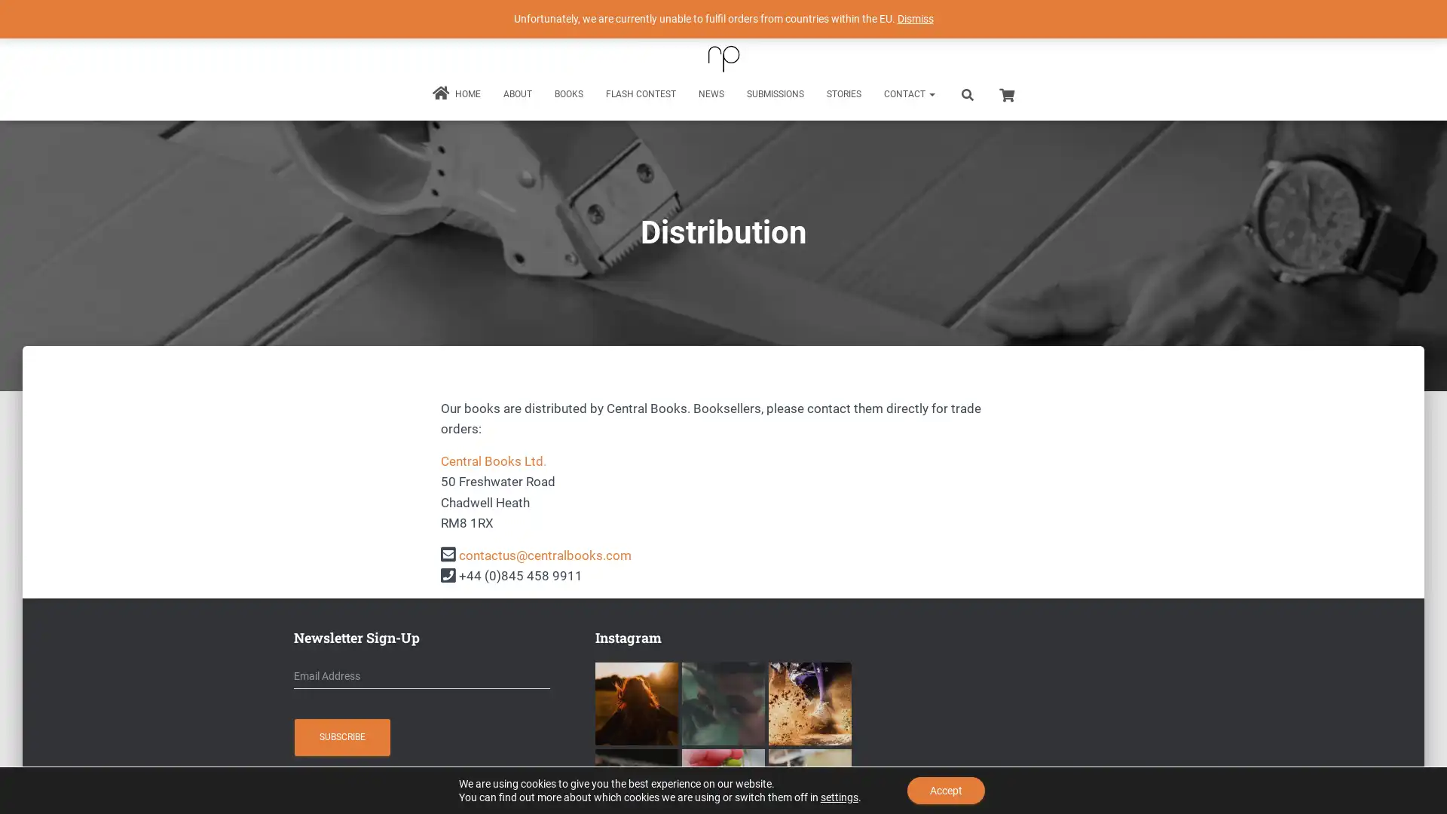  Describe the element at coordinates (945, 790) in the screenshot. I see `Accept` at that location.